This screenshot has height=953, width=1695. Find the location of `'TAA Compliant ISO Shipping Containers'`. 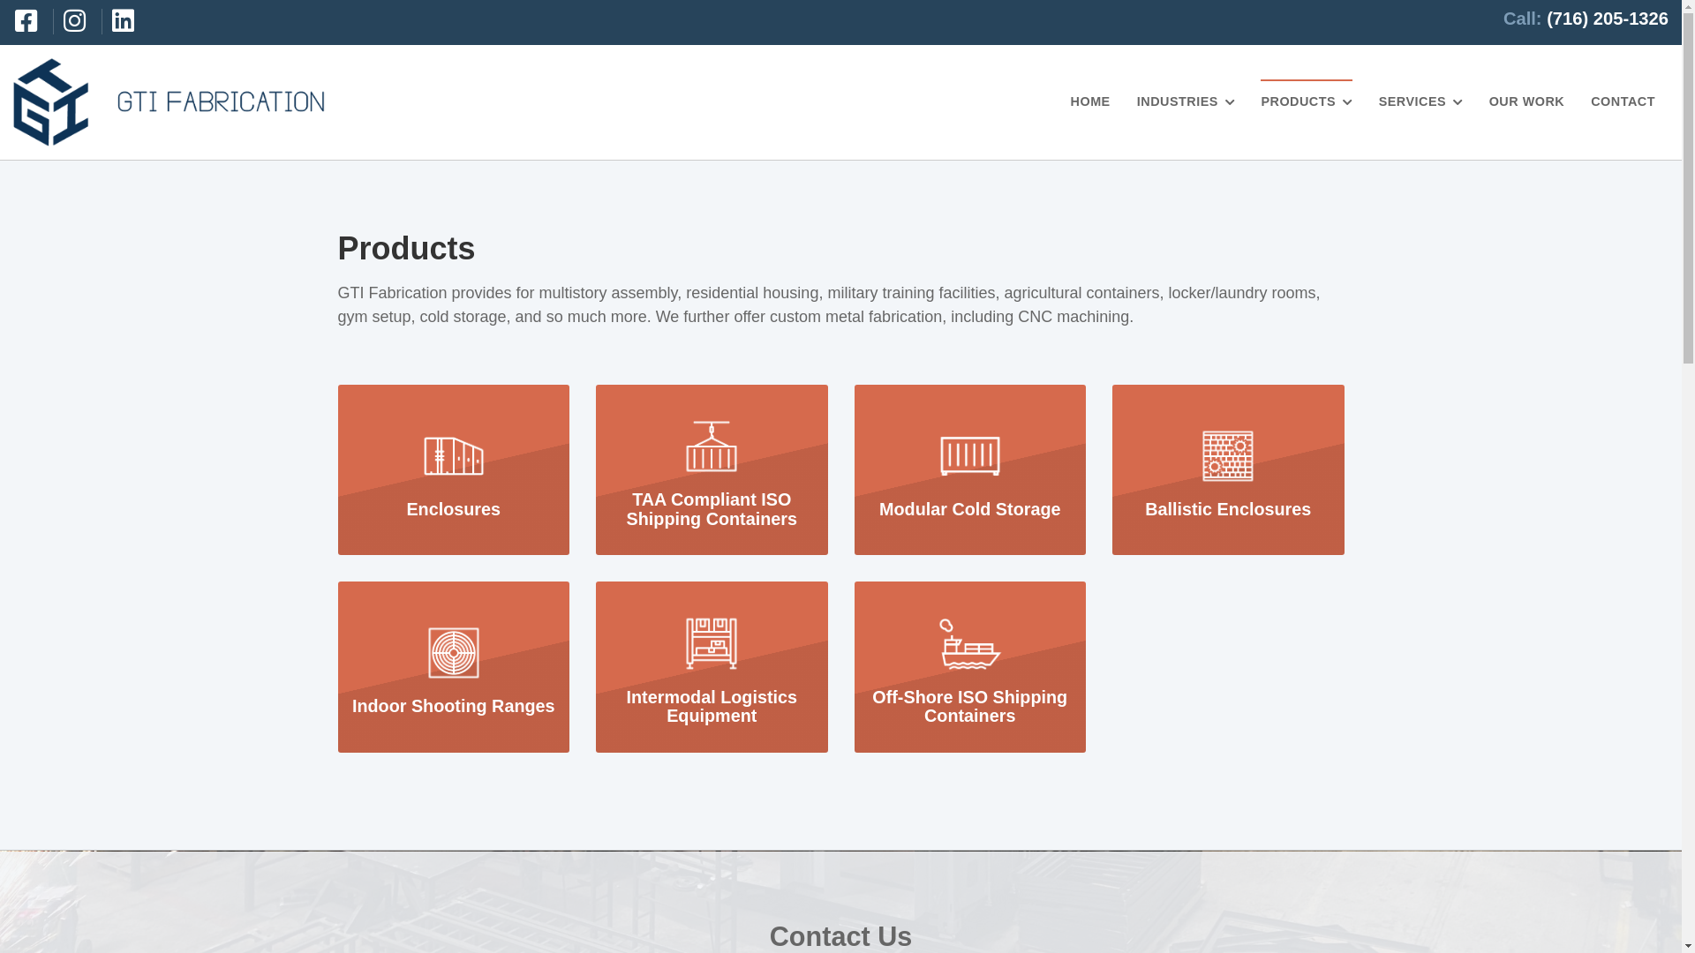

'TAA Compliant ISO Shipping Containers' is located at coordinates (712, 469).